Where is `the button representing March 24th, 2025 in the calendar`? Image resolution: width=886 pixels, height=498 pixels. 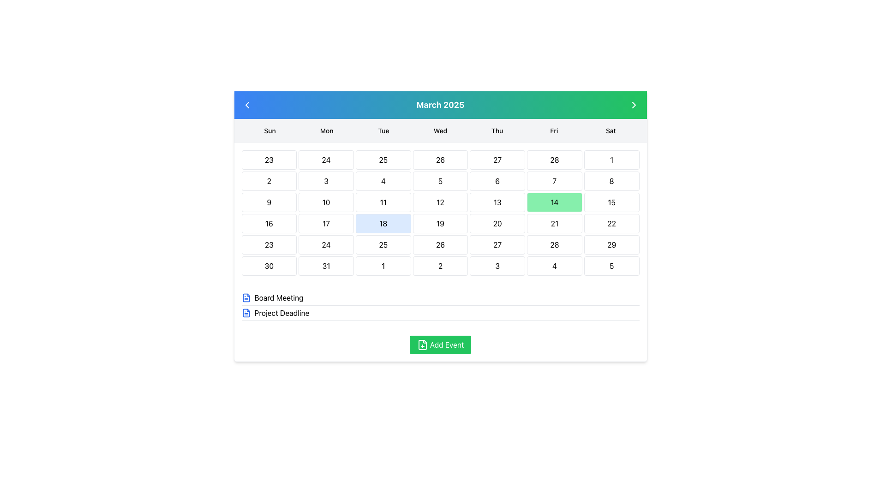
the button representing March 24th, 2025 in the calendar is located at coordinates (326, 244).